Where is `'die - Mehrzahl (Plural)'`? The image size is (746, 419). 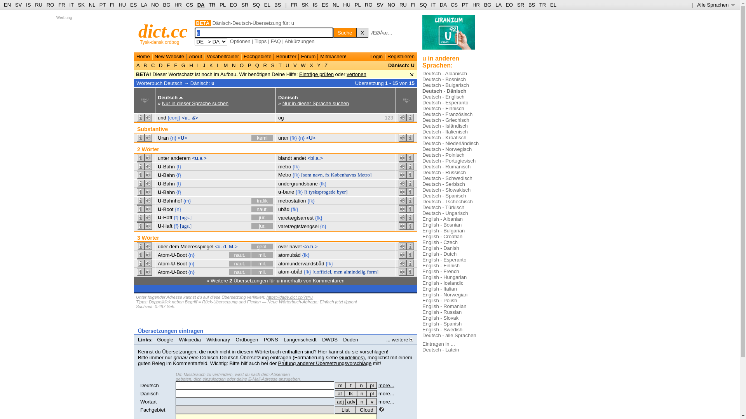 'die - Mehrzahl (Plural)' is located at coordinates (371, 385).